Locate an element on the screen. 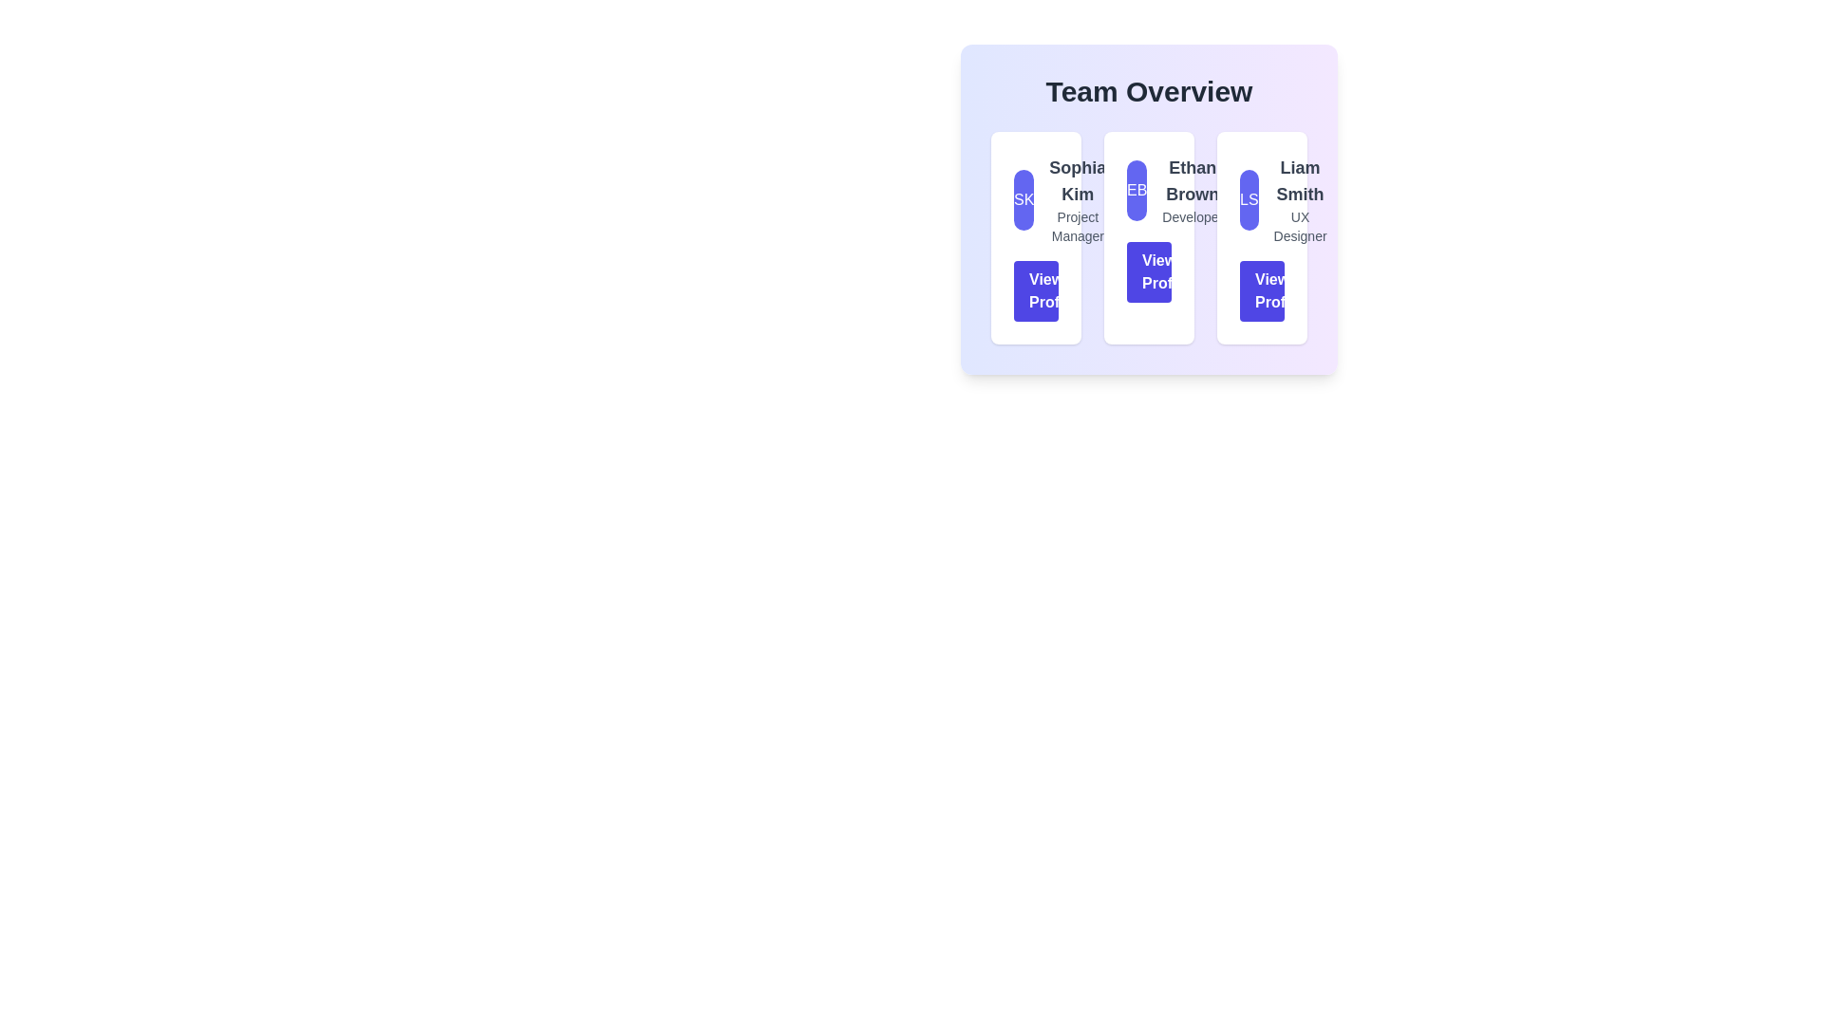 The height and width of the screenshot is (1025, 1823). the text display containing 'Liam Smith' and 'UX Designer' within the third profile card is located at coordinates (1299, 200).